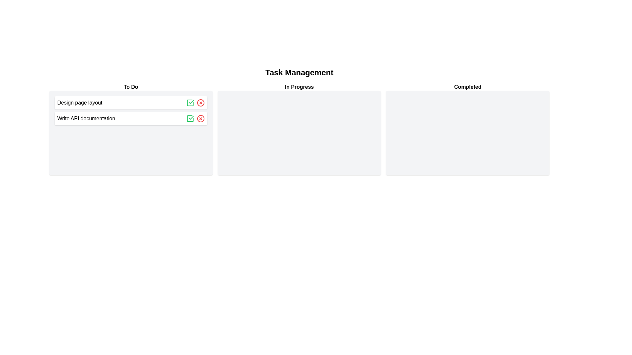 Image resolution: width=632 pixels, height=355 pixels. I want to click on the green checkmark icon for the task 'Write API documentation' to move it to the next state, so click(190, 119).